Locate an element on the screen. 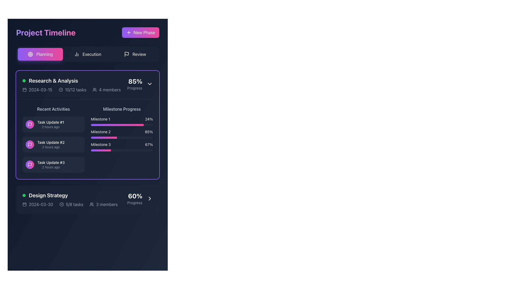 This screenshot has height=286, width=508. the milestone completion percentage label located to the right of the 'Milestone 1' text within the 'Research & Analysis' card is located at coordinates (149, 119).